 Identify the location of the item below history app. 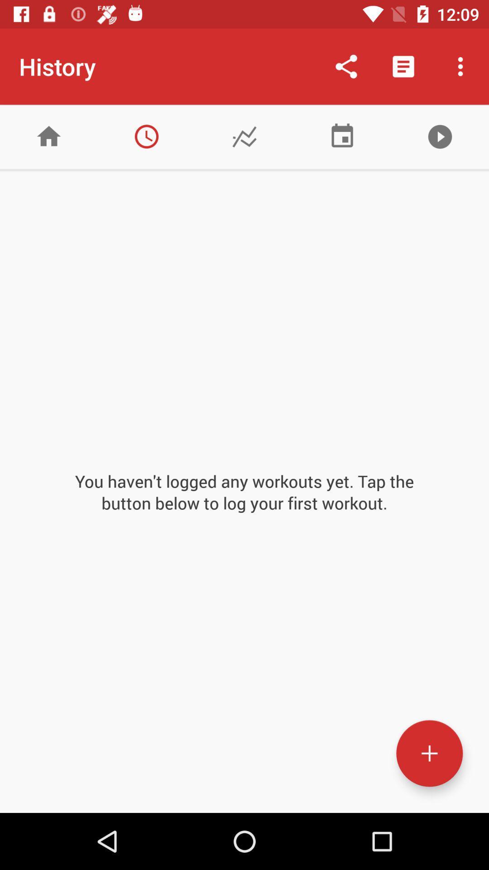
(146, 136).